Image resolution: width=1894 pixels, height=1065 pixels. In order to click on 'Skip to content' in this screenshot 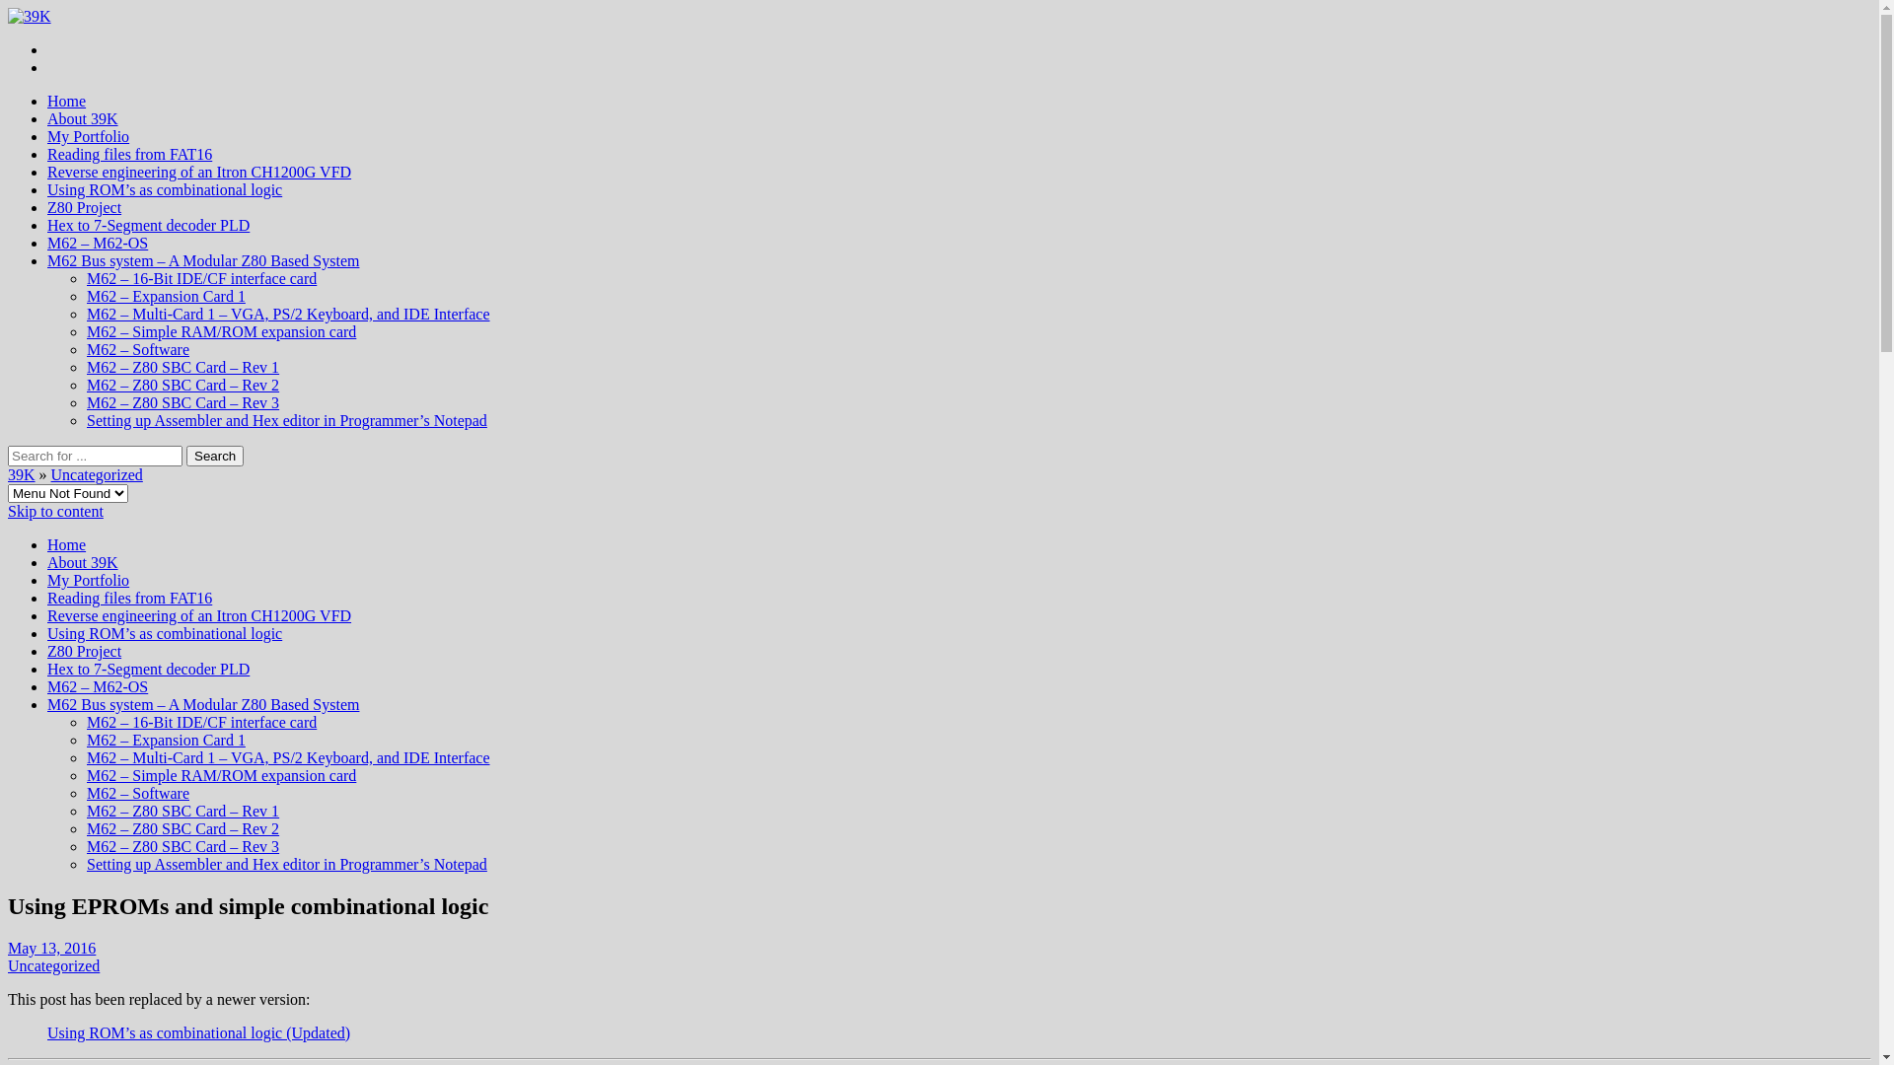, I will do `click(55, 510)`.